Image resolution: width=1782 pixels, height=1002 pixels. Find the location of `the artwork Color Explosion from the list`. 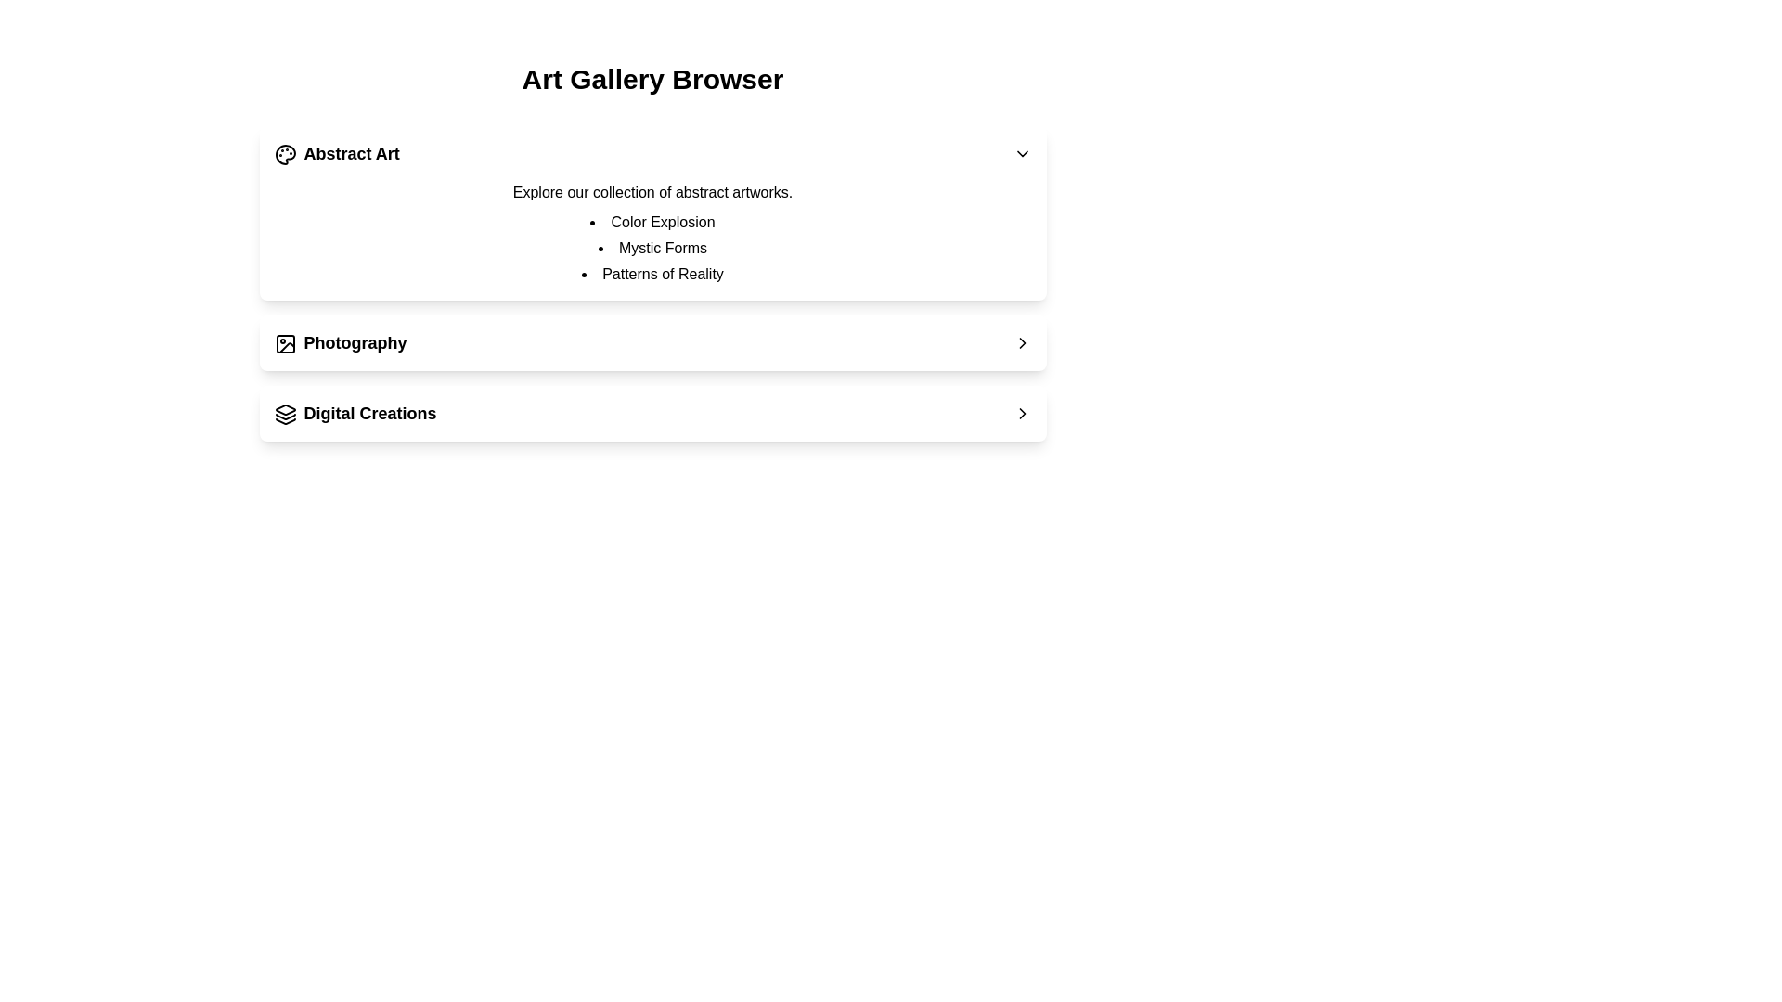

the artwork Color Explosion from the list is located at coordinates (652, 221).